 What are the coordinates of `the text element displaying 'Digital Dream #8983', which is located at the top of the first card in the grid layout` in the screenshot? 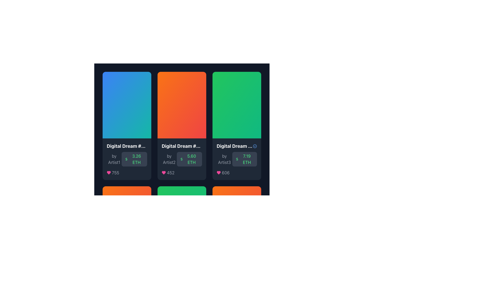 It's located at (127, 146).